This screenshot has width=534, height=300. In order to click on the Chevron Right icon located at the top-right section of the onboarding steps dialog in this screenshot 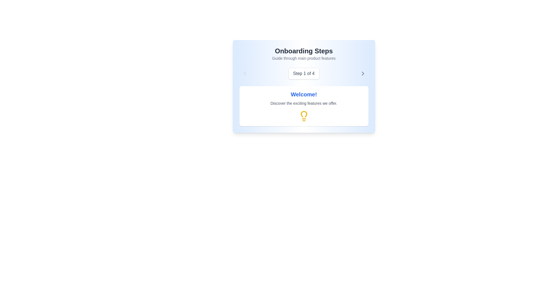, I will do `click(363, 73)`.